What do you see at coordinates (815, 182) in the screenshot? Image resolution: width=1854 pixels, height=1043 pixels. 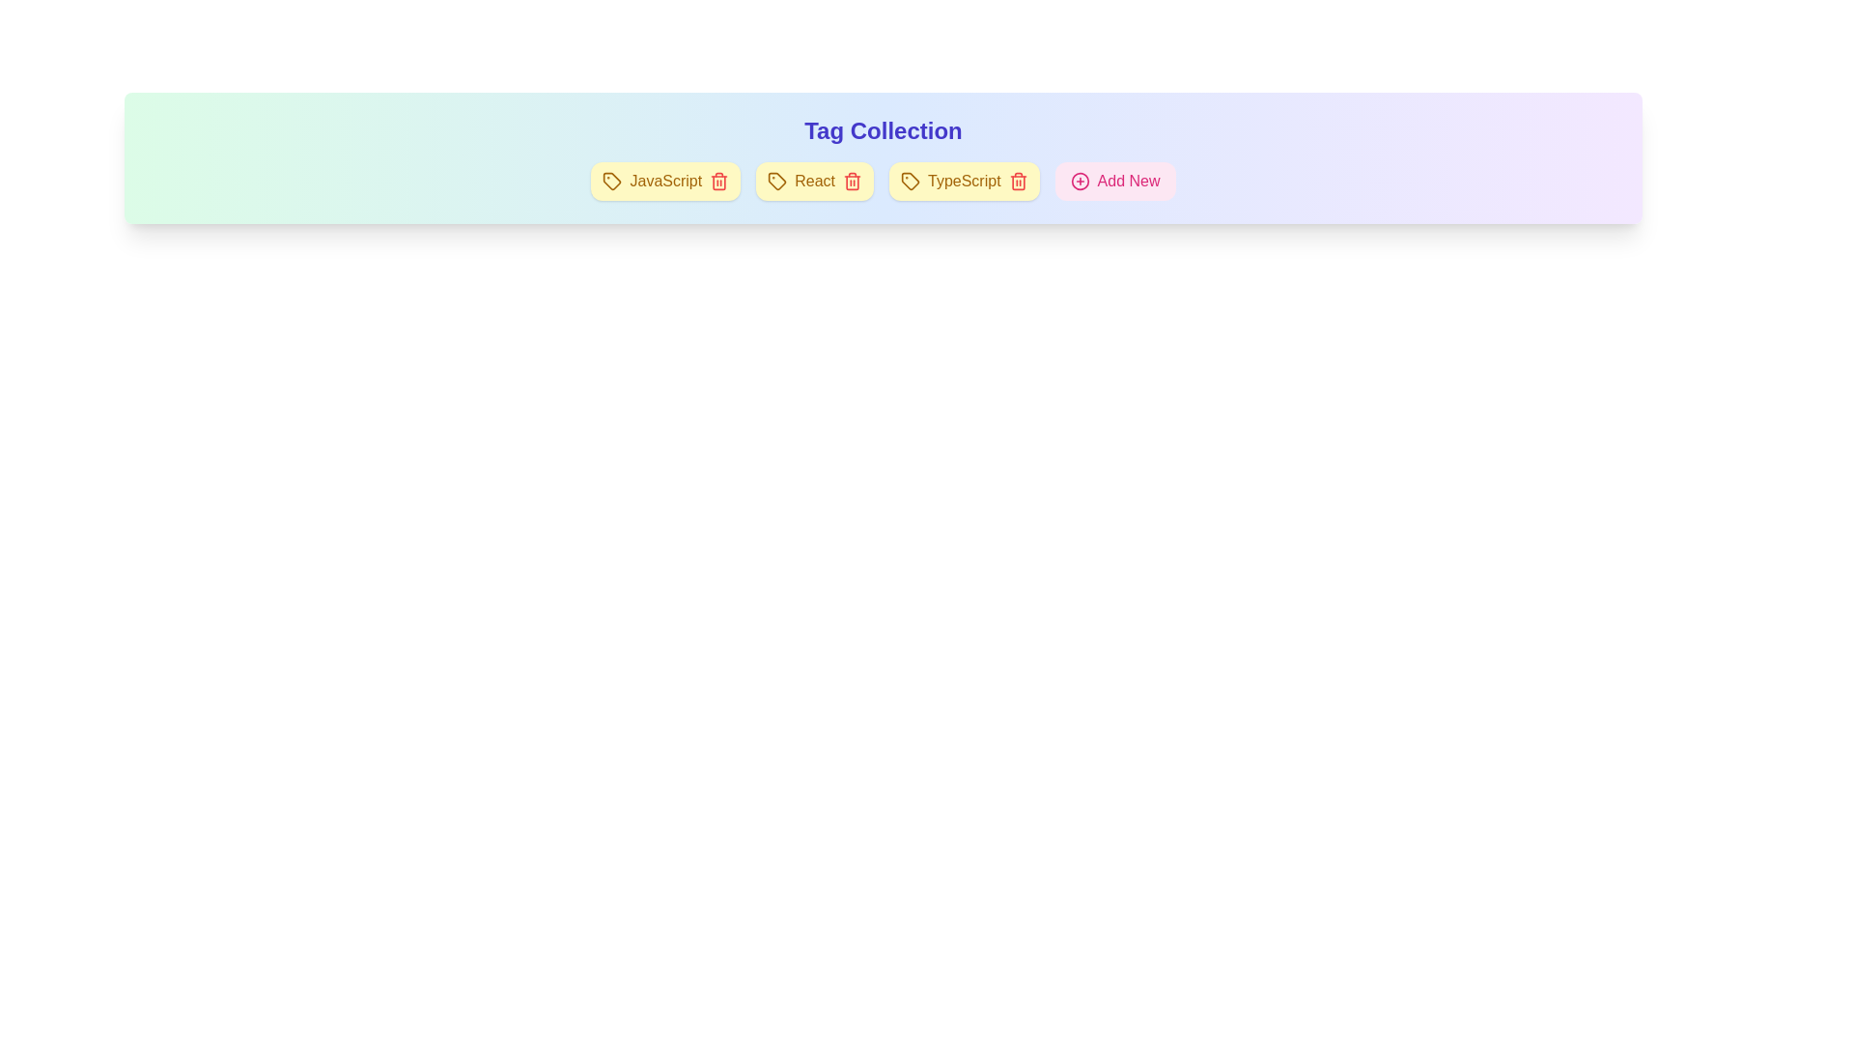 I see `the 'React' interactive tag, which is the second button in a row of similar buttons` at bounding box center [815, 182].